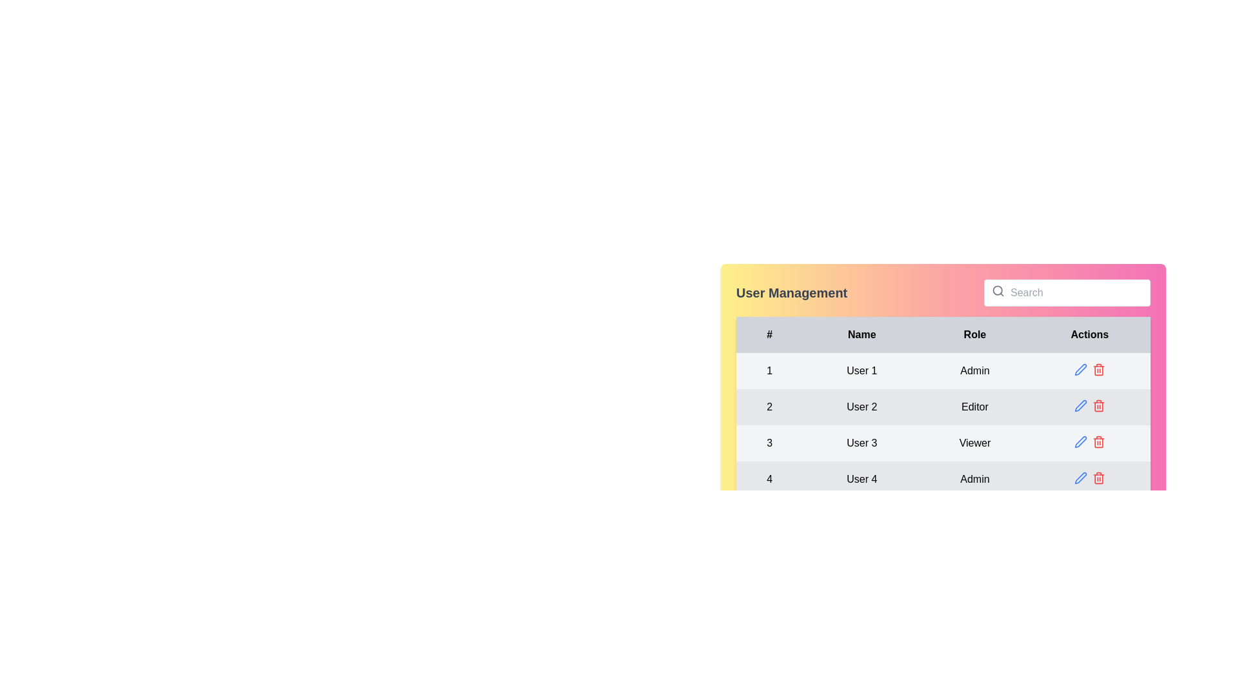 Image resolution: width=1239 pixels, height=697 pixels. What do you see at coordinates (861, 407) in the screenshot?
I see `the static text label containing 'User 2' in the 'Name' column of the 'User Management' table` at bounding box center [861, 407].